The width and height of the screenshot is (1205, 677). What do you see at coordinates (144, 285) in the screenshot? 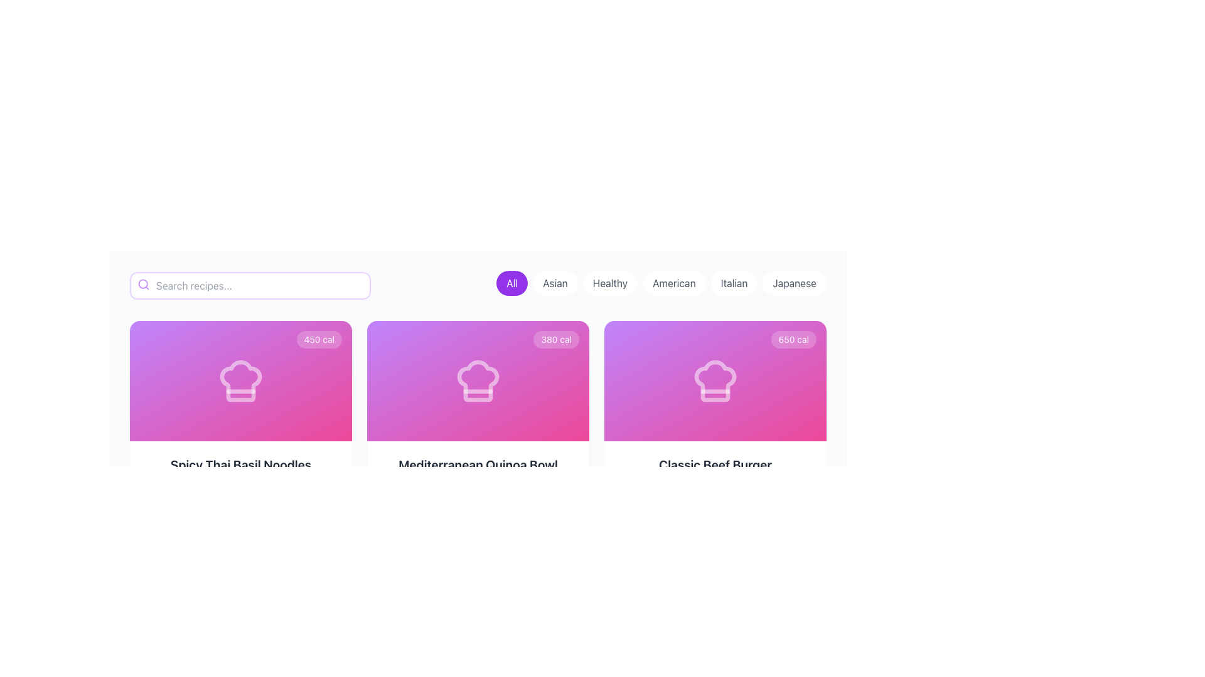
I see `the purple magnifying glass icon located on the left side of the search bar next to the placeholder text 'Search recipes...'` at bounding box center [144, 285].